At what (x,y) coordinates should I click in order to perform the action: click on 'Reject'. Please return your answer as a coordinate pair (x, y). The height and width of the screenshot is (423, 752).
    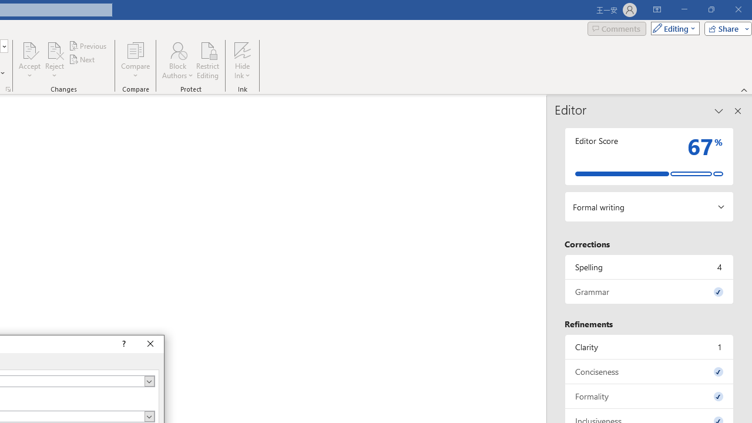
    Looking at the image, I should click on (53, 61).